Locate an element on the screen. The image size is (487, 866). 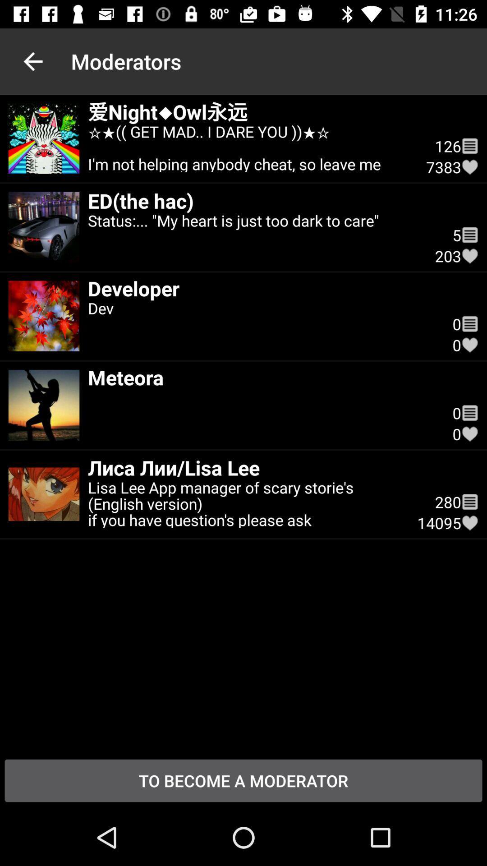
item next to lisa lee app is located at coordinates (448, 502).